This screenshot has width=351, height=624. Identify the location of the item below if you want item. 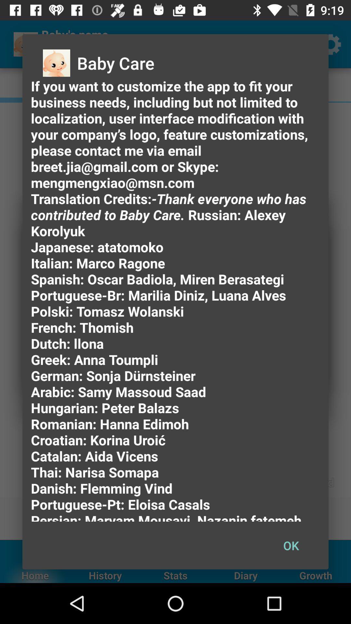
(291, 545).